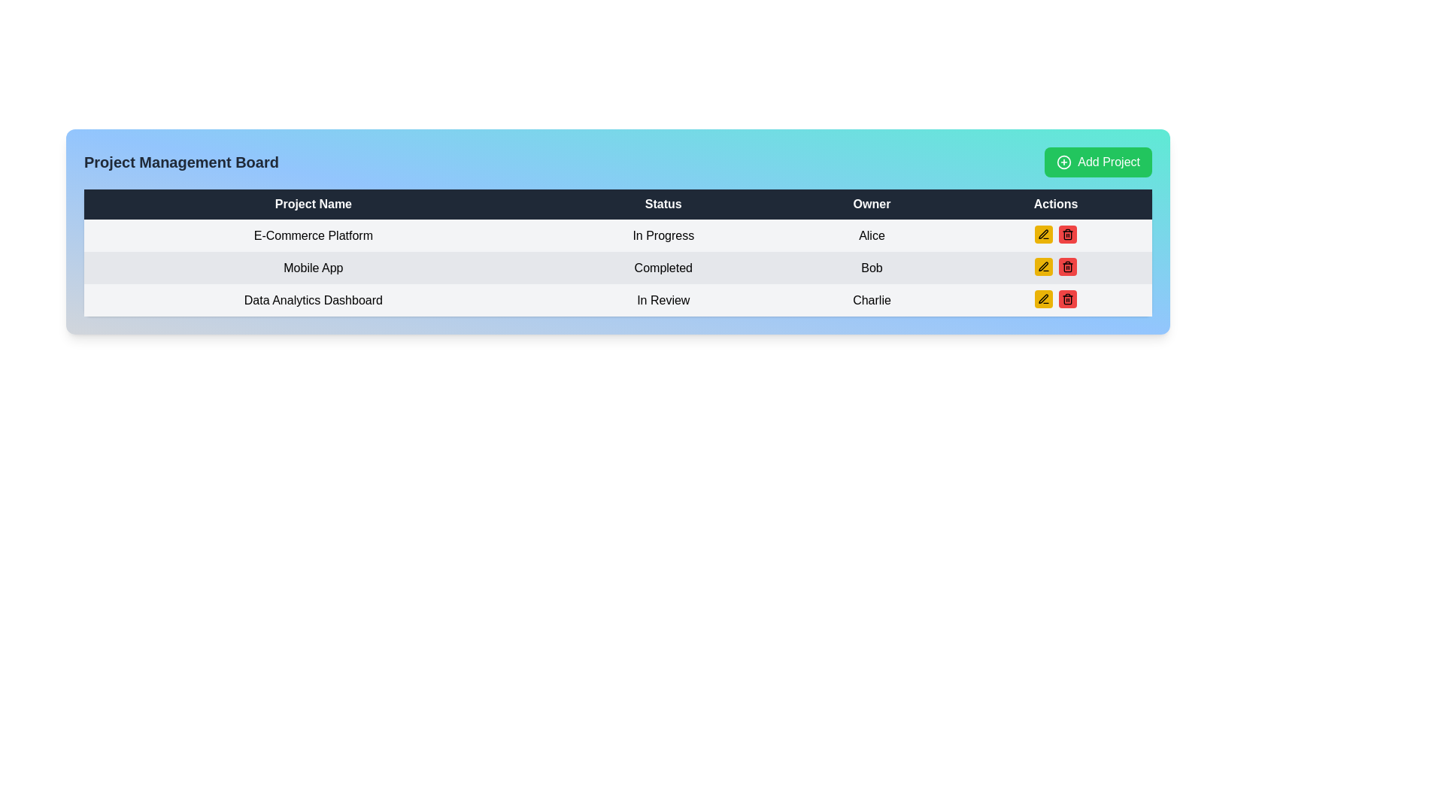  Describe the element at coordinates (1042, 265) in the screenshot. I see `the first button in the 'Actions' column for the 'Mobile App' project` at that location.